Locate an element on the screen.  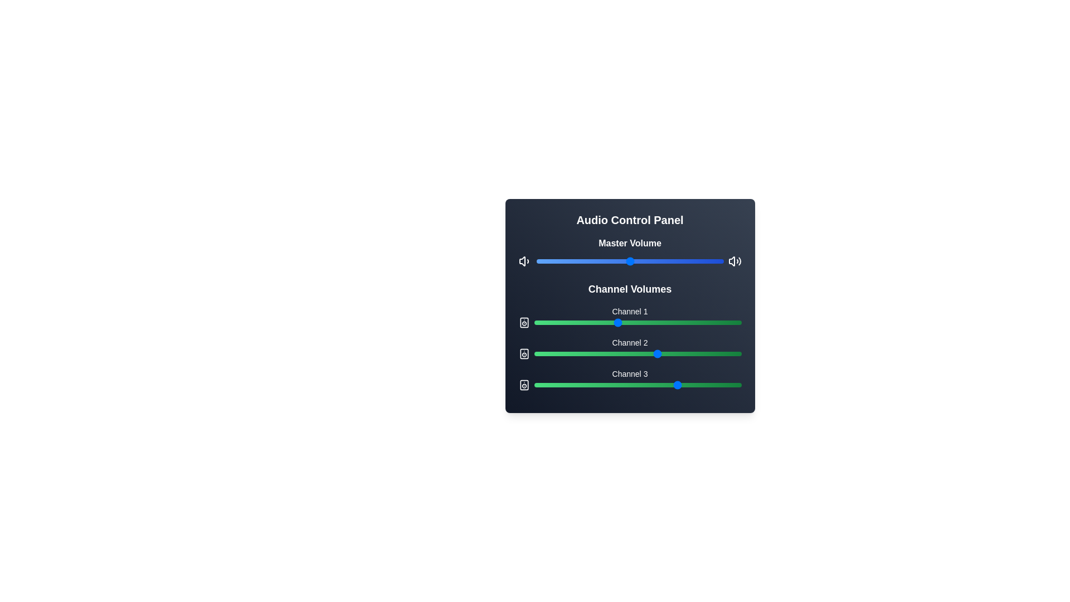
the 'Channel 3' volume slider is located at coordinates (672, 382).